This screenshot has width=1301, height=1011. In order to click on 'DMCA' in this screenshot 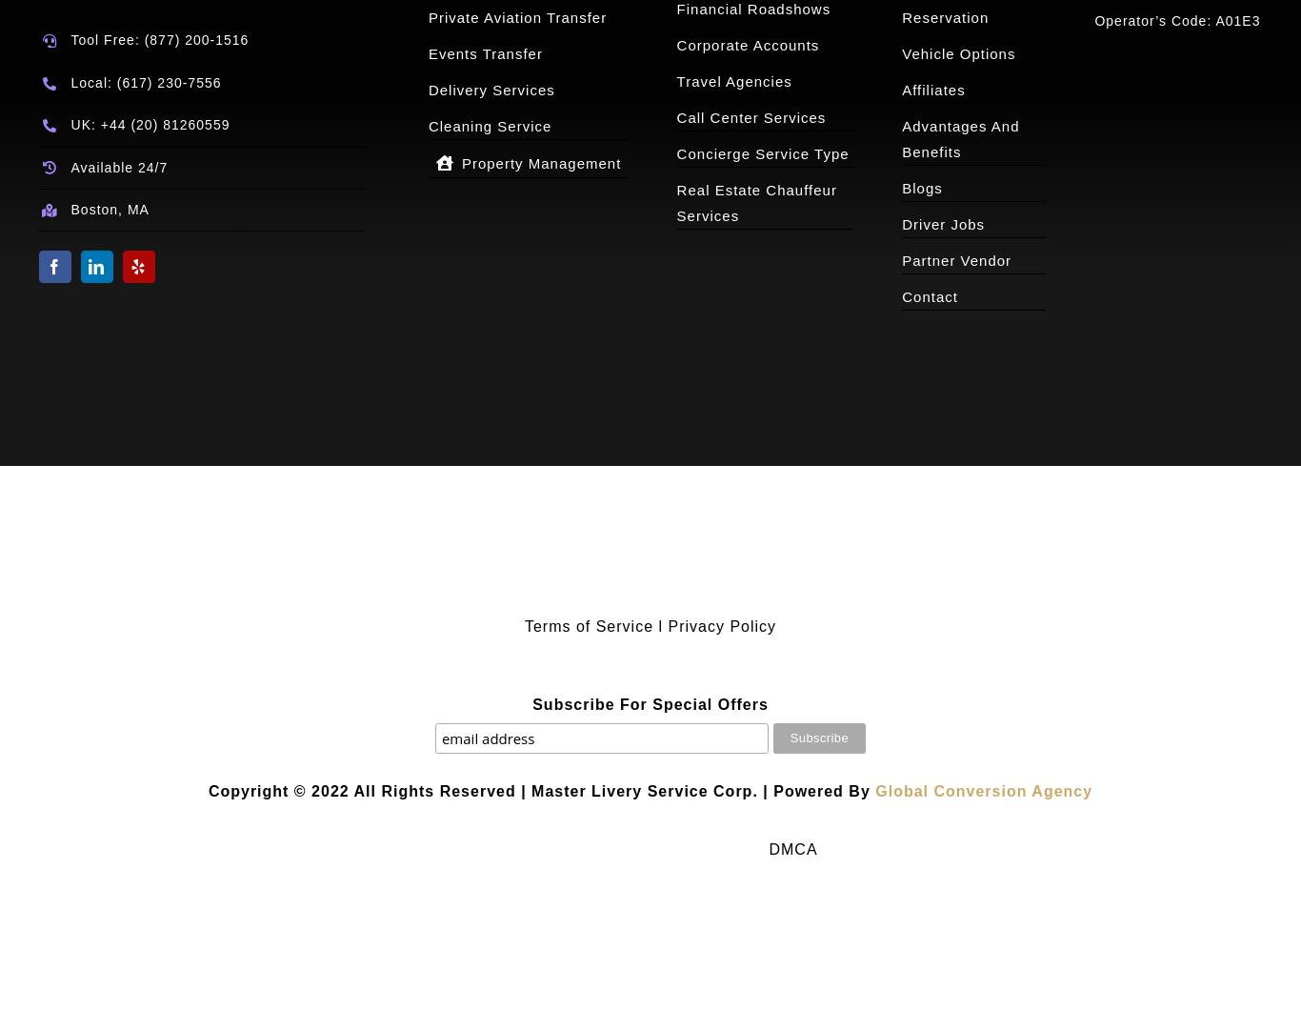, I will do `click(791, 847)`.